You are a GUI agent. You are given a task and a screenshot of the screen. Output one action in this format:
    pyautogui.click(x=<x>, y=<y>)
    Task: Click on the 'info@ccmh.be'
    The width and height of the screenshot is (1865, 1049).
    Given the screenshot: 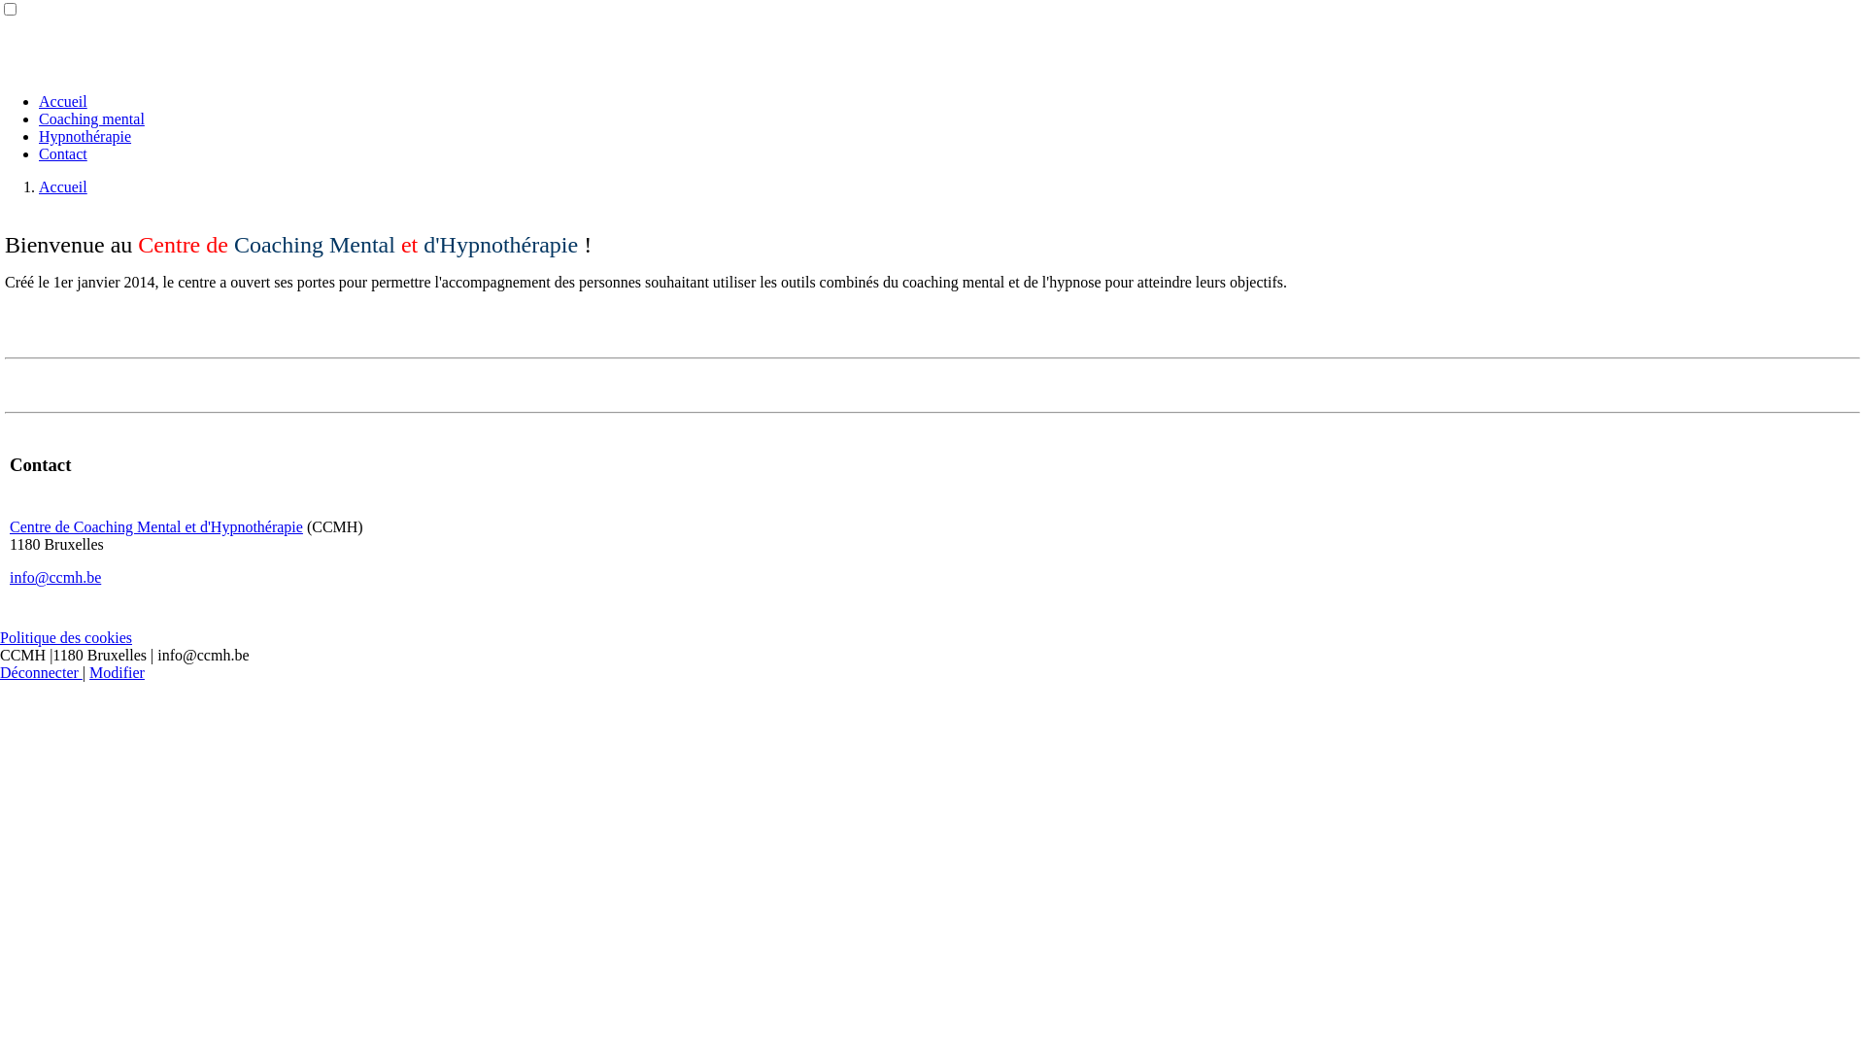 What is the action you would take?
    pyautogui.click(x=55, y=576)
    